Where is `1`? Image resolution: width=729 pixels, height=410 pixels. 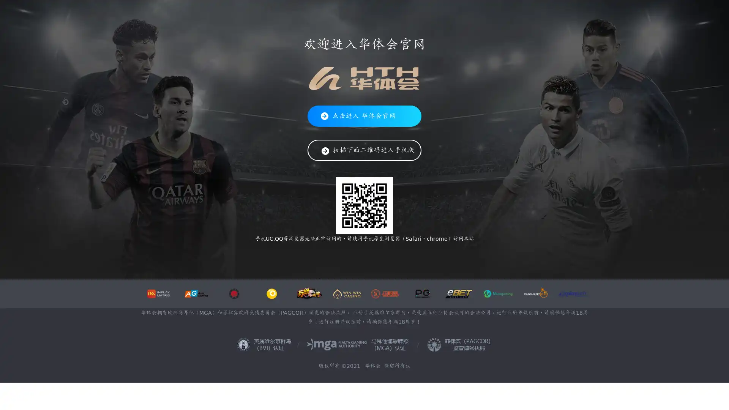
1 is located at coordinates (280, 253).